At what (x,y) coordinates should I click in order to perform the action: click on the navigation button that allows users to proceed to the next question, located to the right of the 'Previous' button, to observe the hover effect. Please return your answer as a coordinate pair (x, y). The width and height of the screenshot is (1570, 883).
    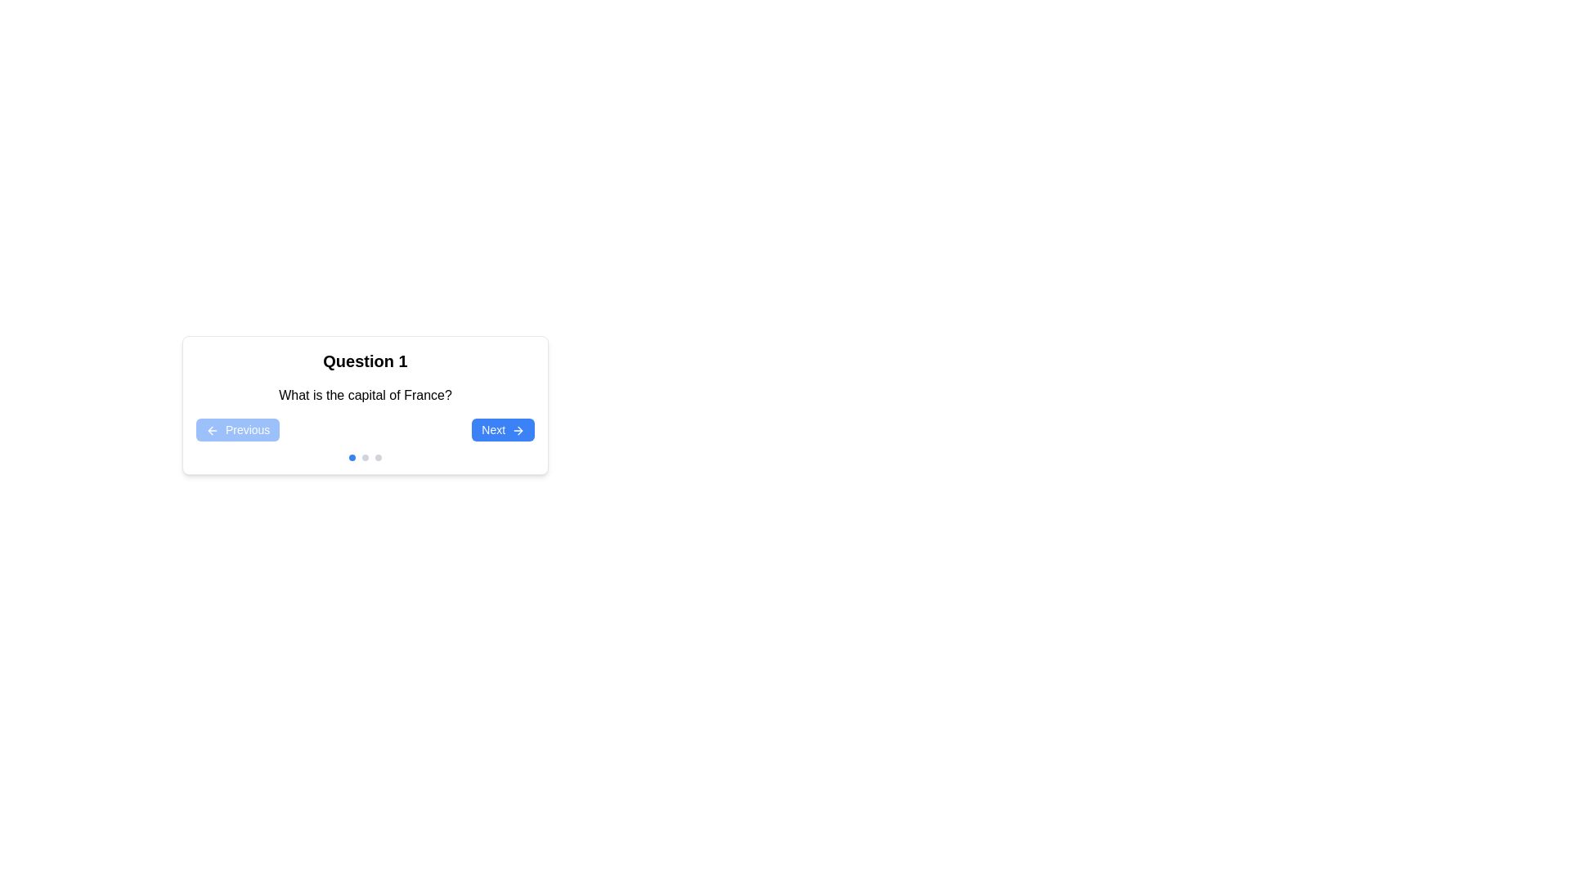
    Looking at the image, I should click on (502, 428).